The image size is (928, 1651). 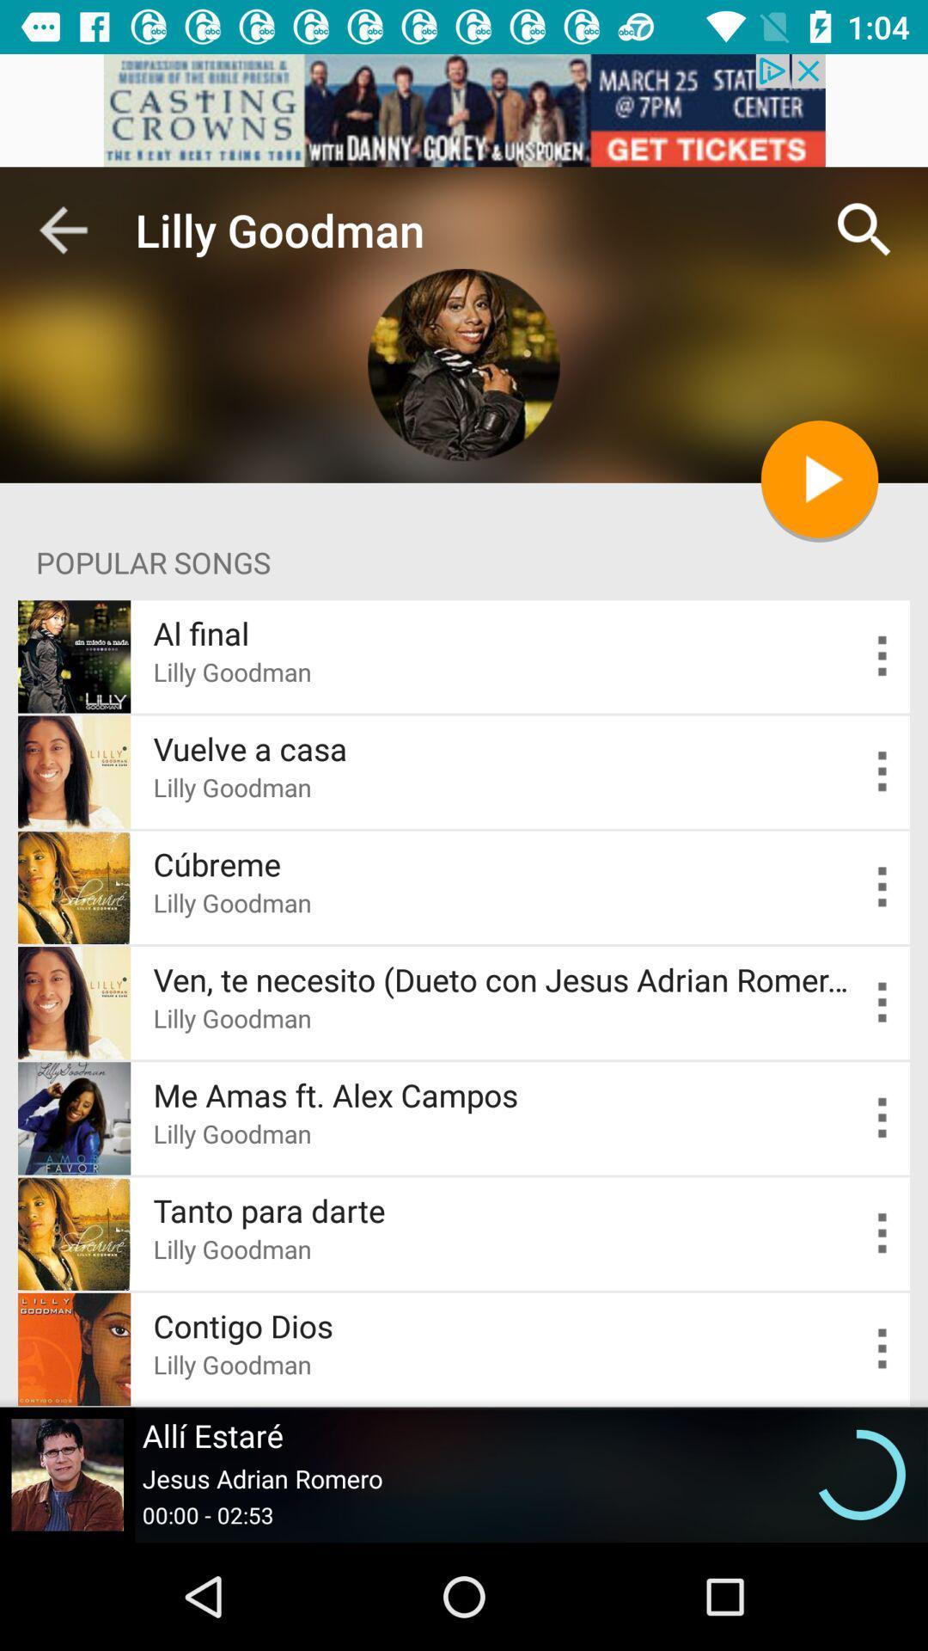 I want to click on the more icon, so click(x=882, y=1232).